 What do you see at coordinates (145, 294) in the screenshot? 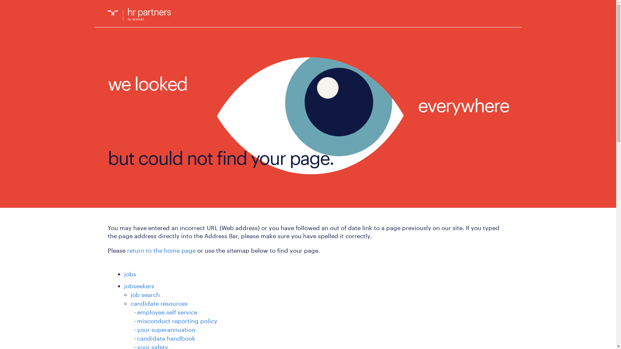
I see `'job search'` at bounding box center [145, 294].